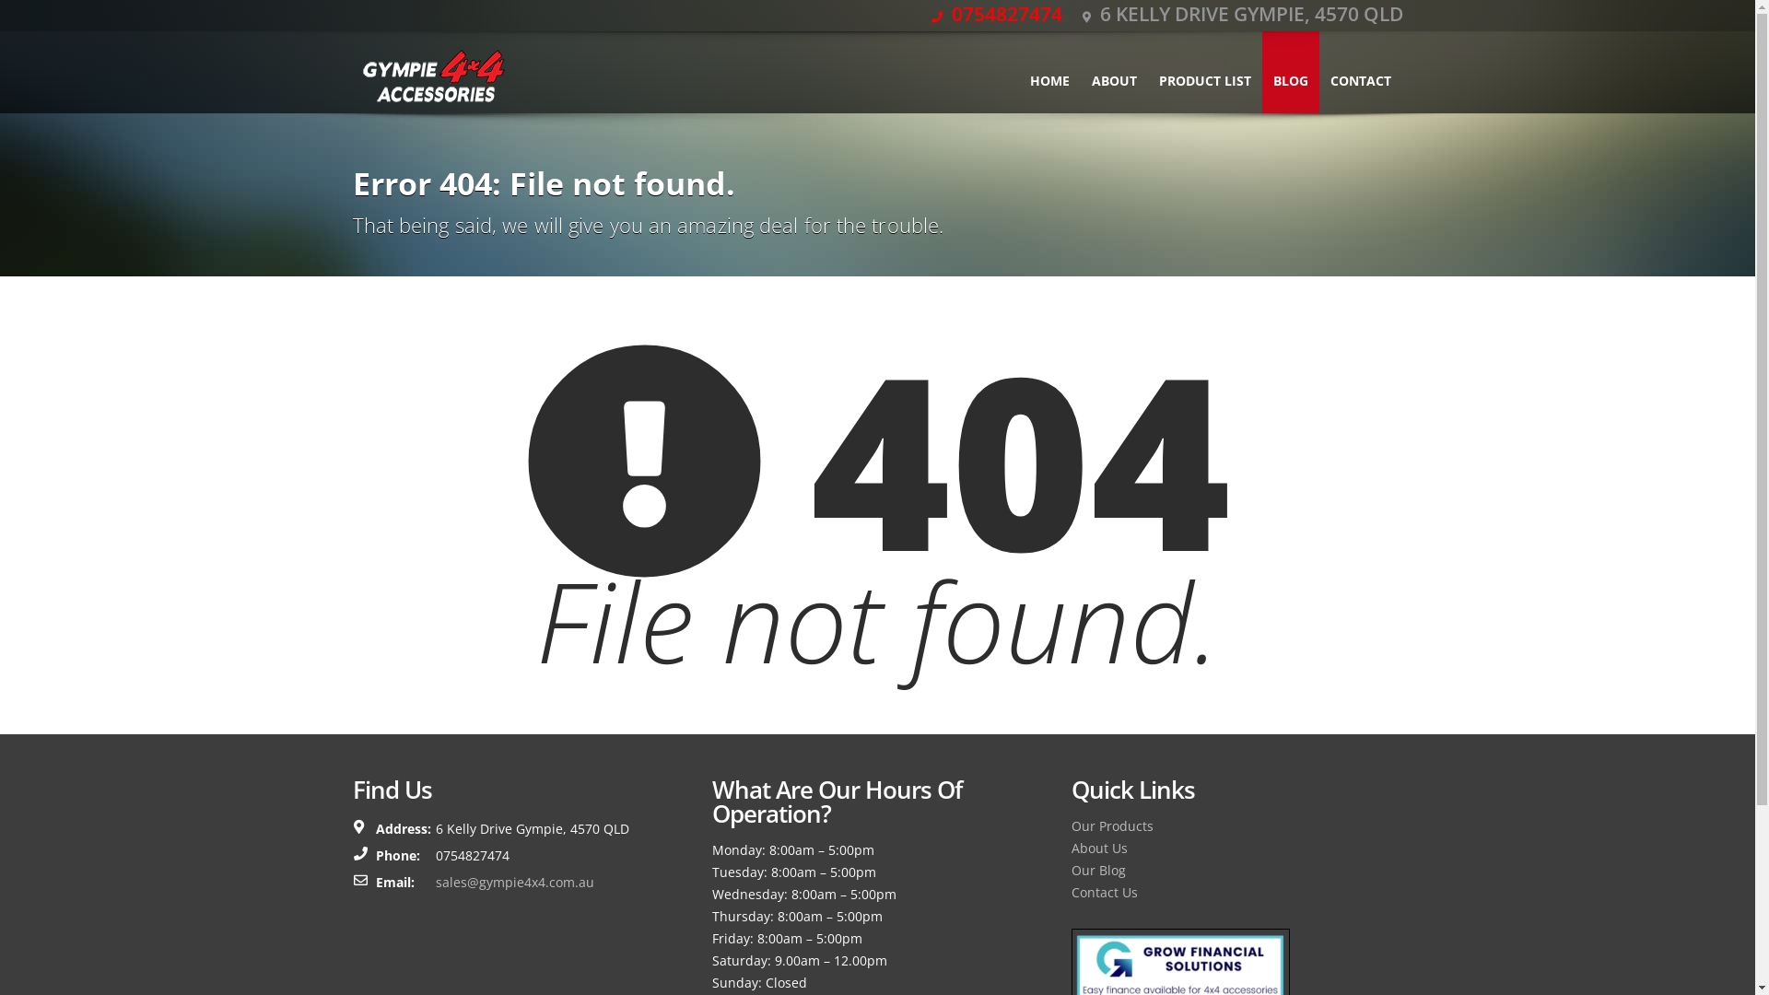 This screenshot has height=995, width=1769. I want to click on 'PRODUCT LIST', so click(1204, 71).